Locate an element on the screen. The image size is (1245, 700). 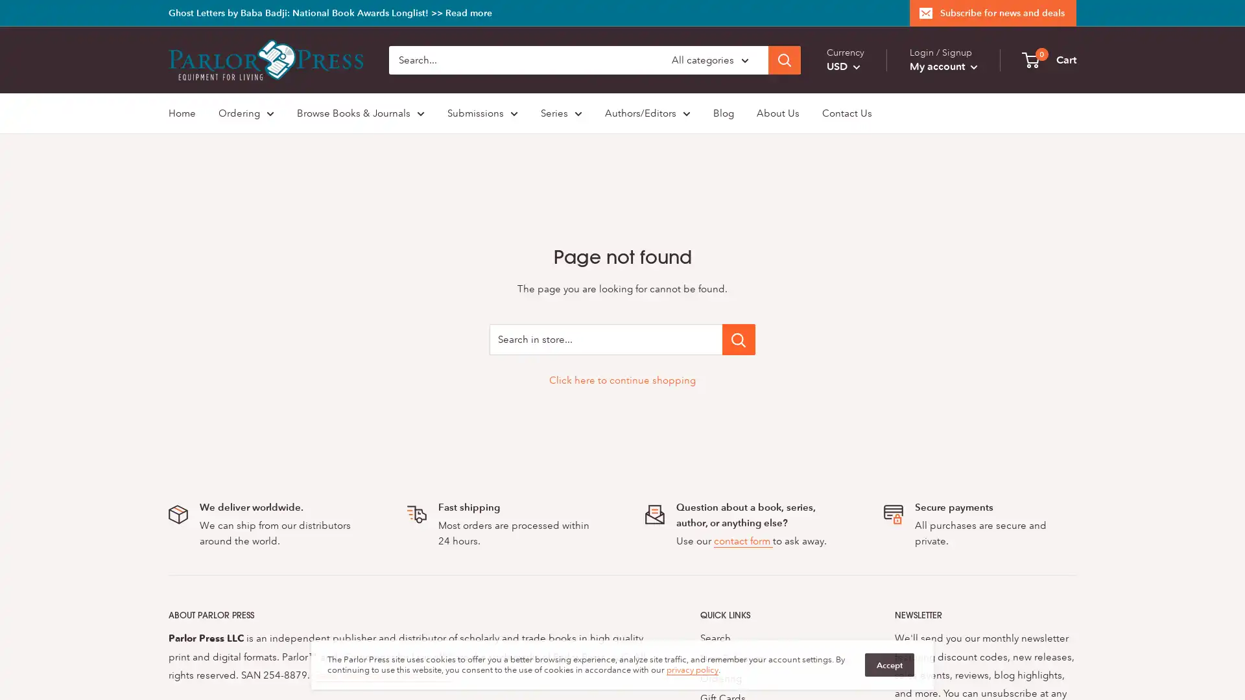
USD is located at coordinates (843, 65).